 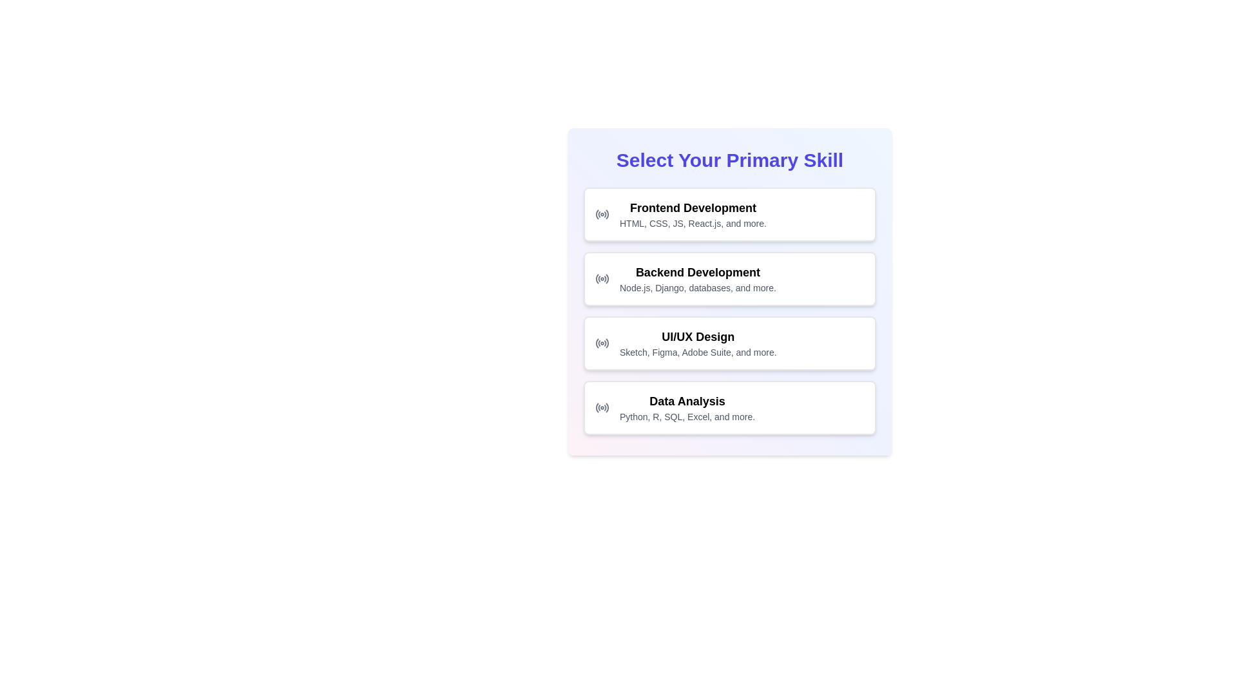 I want to click on the decorative icon representing the 'Backend Development' category, located immediately to the left of the text 'Backend Development', so click(x=602, y=278).